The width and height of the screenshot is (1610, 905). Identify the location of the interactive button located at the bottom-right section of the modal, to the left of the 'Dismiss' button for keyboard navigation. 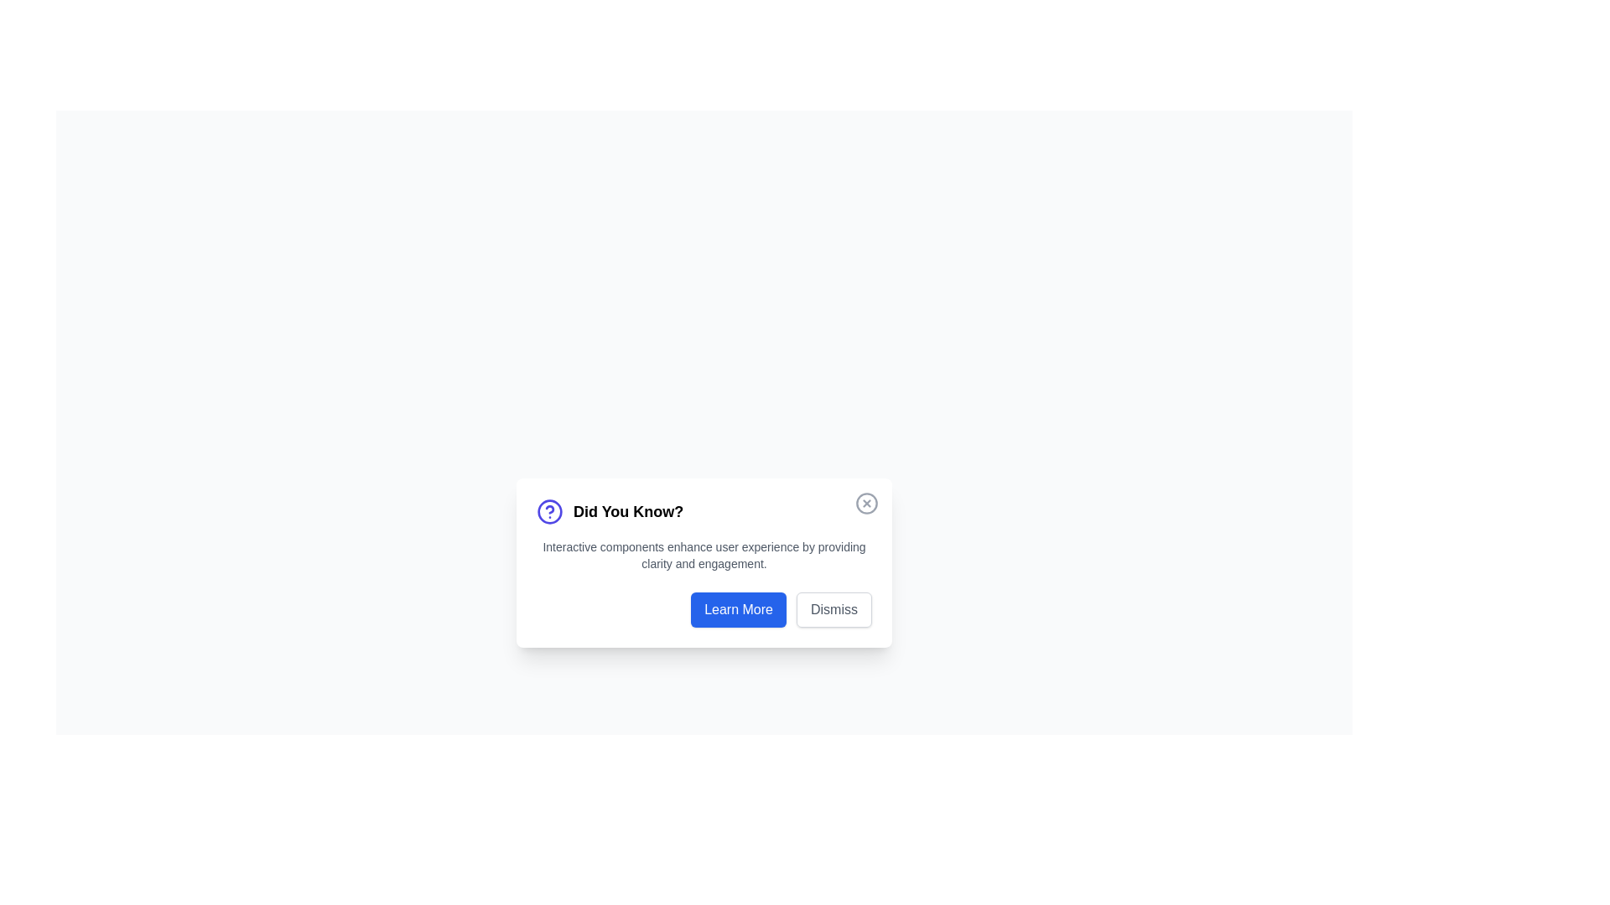
(738, 610).